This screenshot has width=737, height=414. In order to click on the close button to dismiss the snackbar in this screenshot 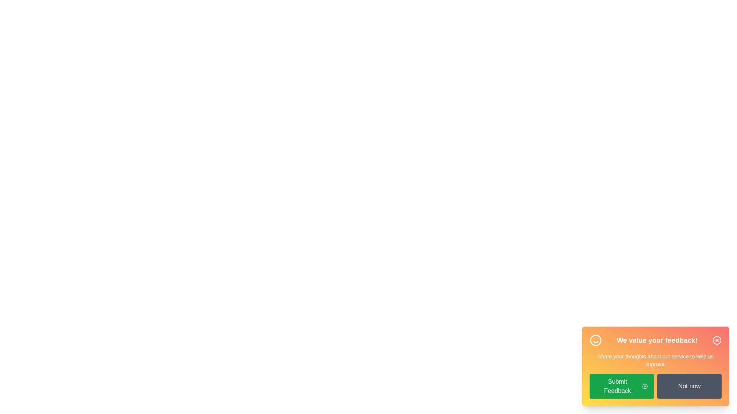, I will do `click(716, 340)`.